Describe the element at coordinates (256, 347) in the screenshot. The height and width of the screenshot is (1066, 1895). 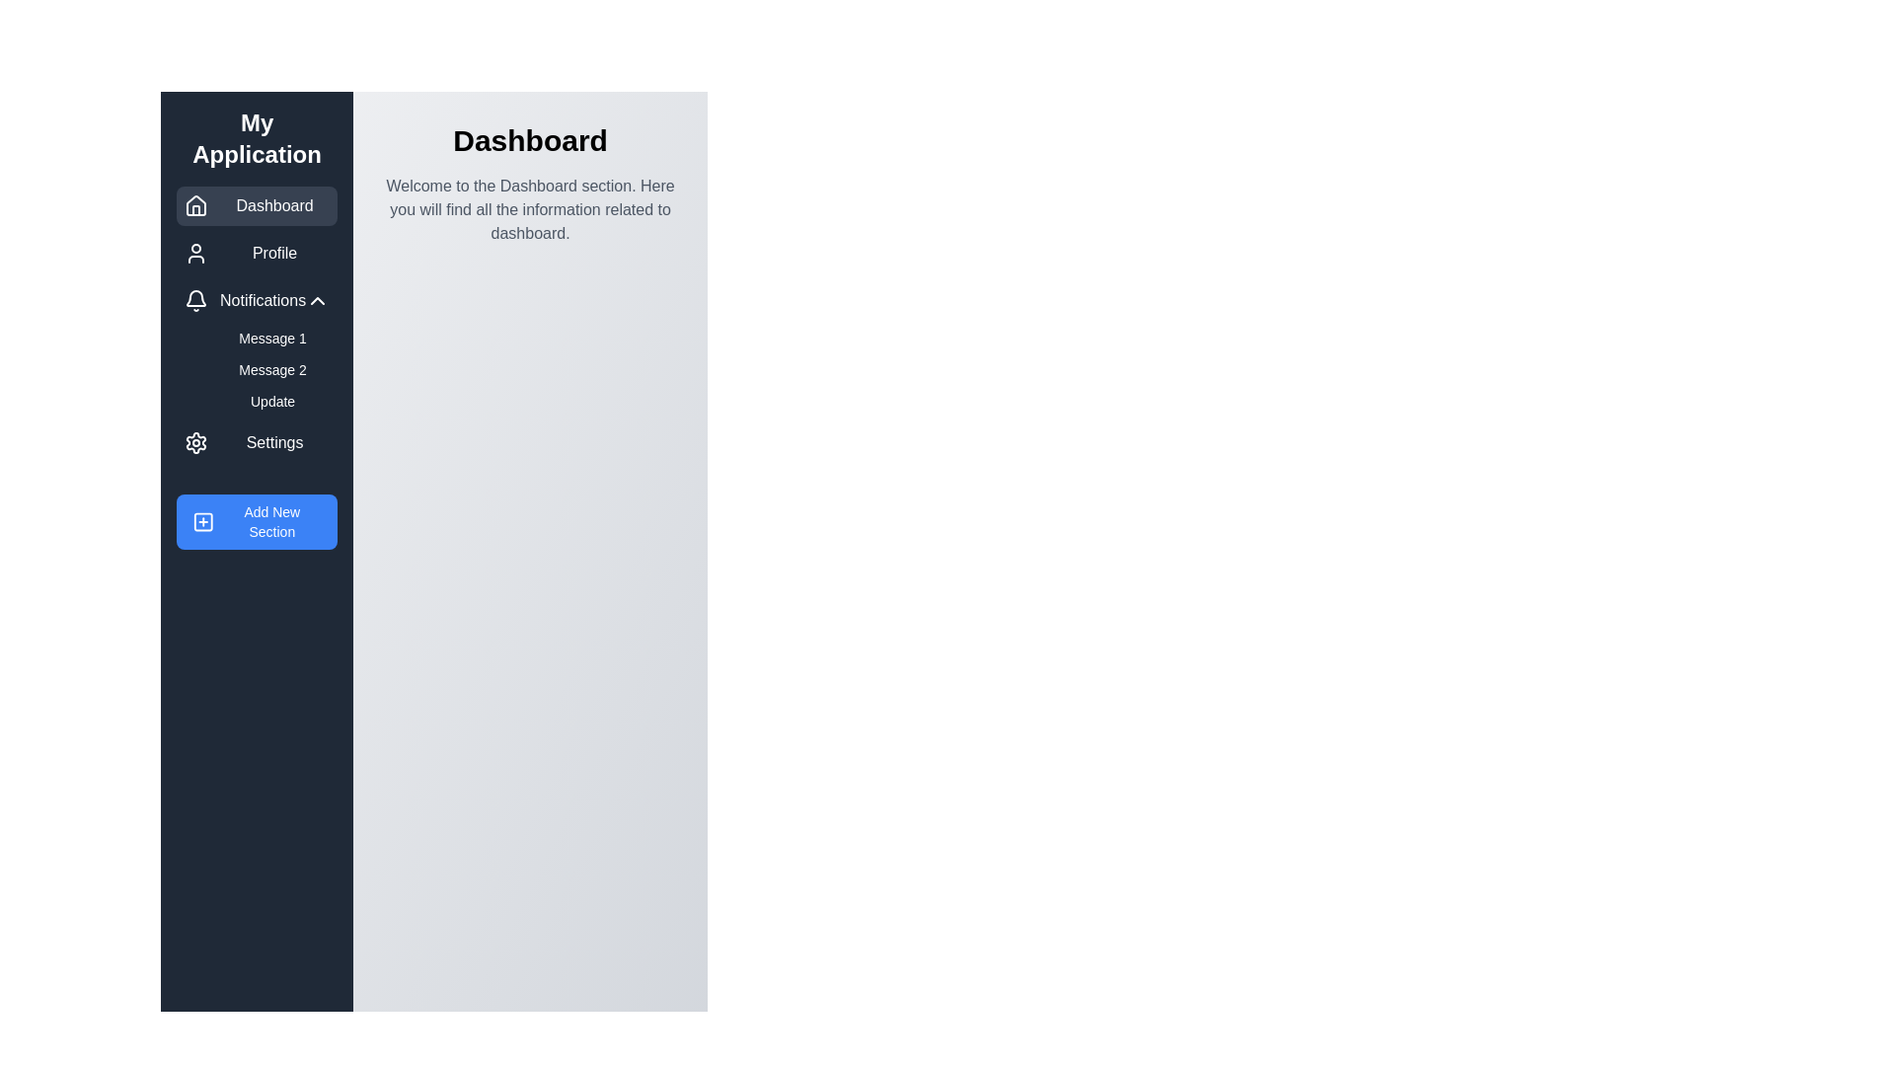
I see `the 'Notifications' dropdown menu in the left navigation menu` at that location.